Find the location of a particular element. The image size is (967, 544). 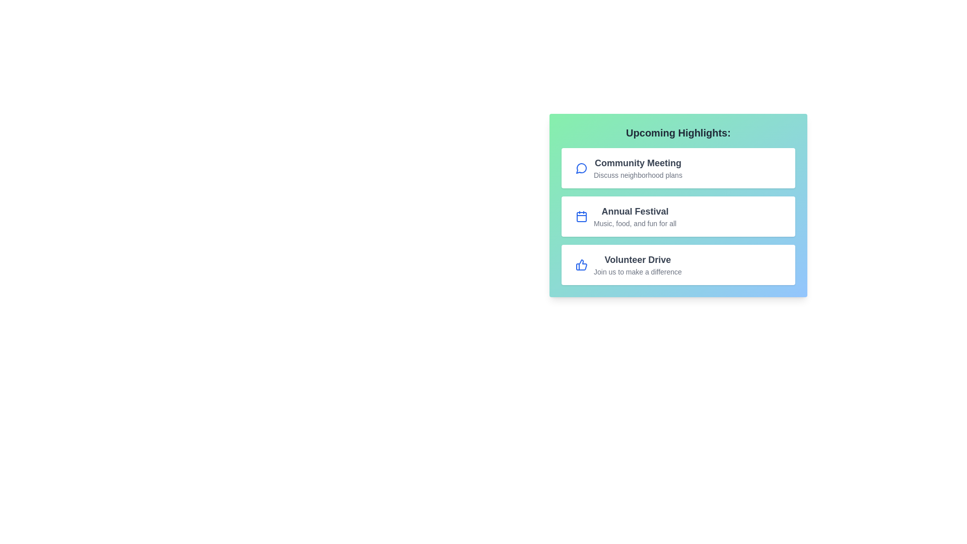

the center of the EventHighlights component container to focus on it is located at coordinates (678, 205).